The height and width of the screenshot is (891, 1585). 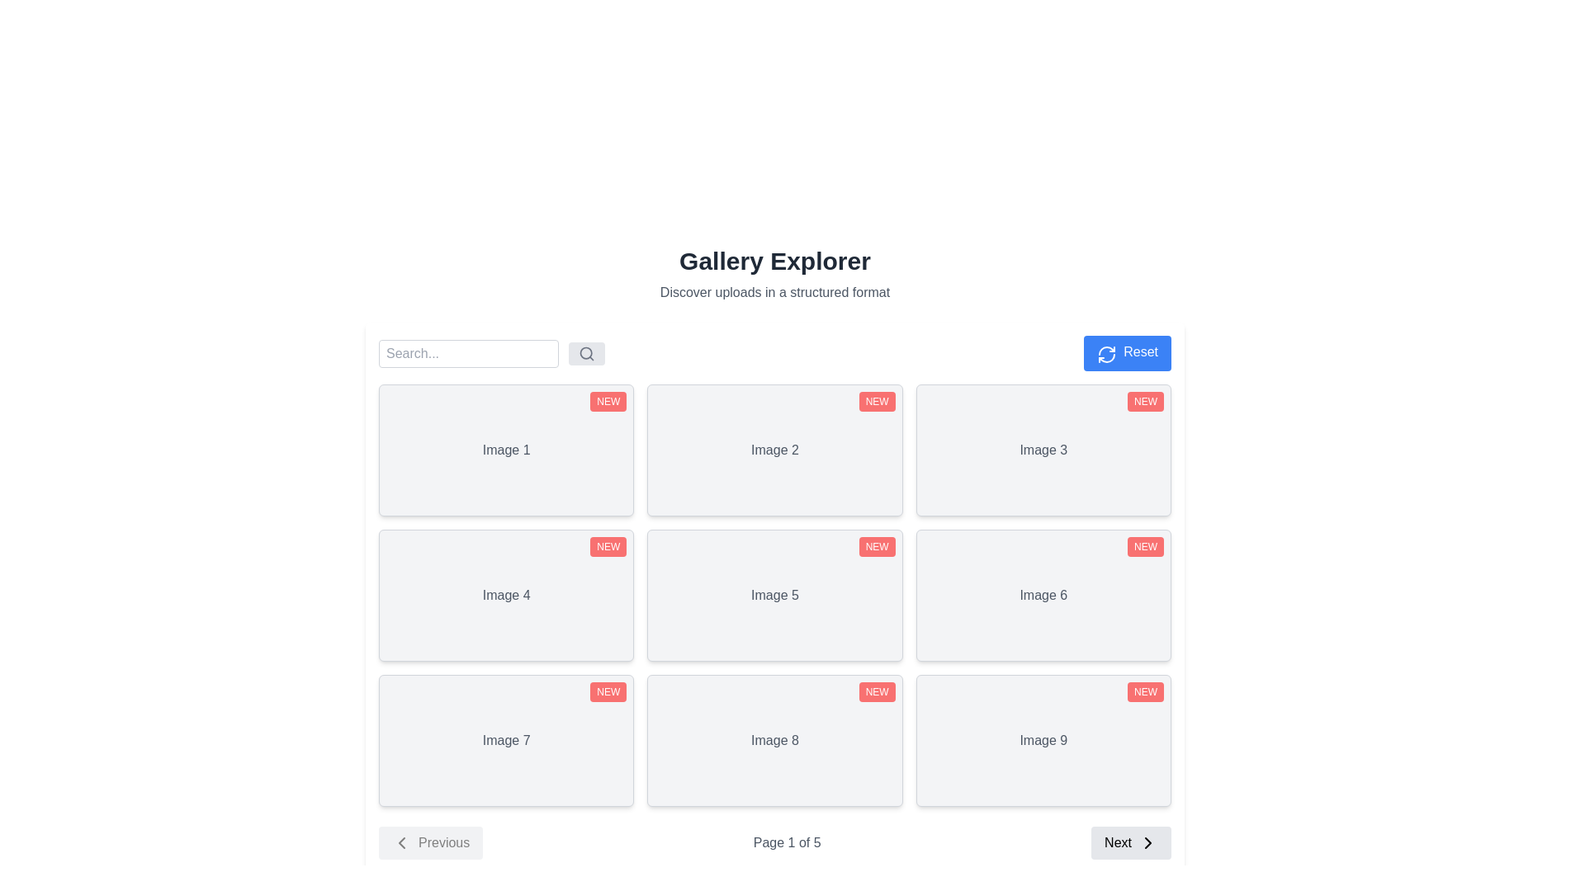 I want to click on the Tile component labeled 'Image 4' with a light gray background and a 'NEW' badge in the top-right corner, so click(x=505, y=595).